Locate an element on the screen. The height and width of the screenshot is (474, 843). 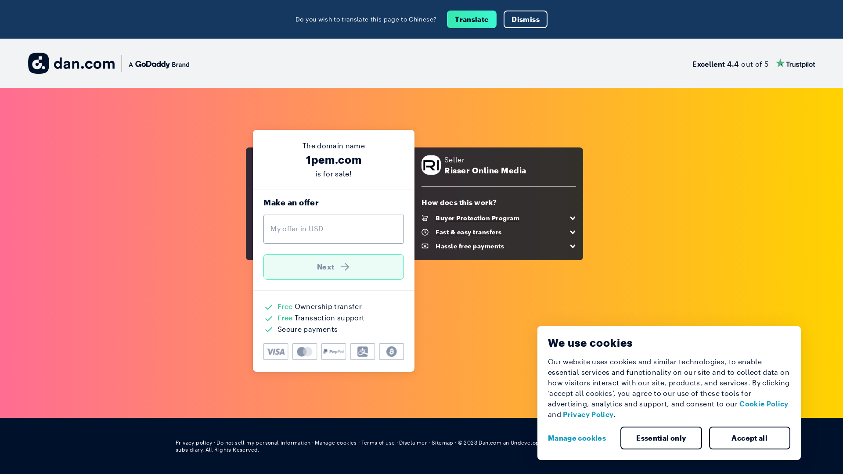
'Accept all' is located at coordinates (708, 438).